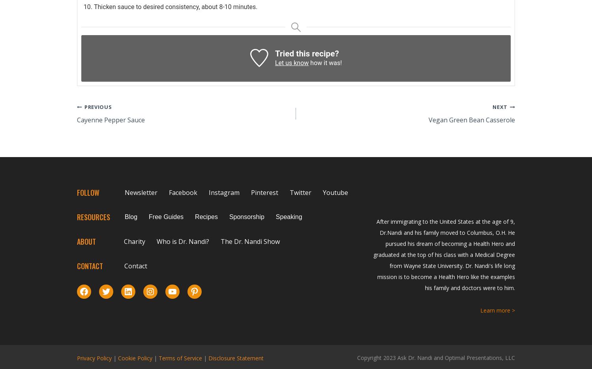 This screenshot has height=369, width=592. Describe the element at coordinates (288, 216) in the screenshot. I see `'Speaking'` at that location.